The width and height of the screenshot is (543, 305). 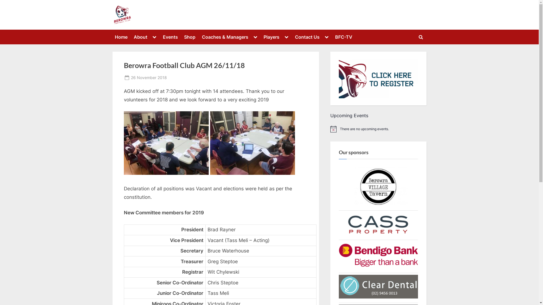 I want to click on 'Players', so click(x=271, y=37).